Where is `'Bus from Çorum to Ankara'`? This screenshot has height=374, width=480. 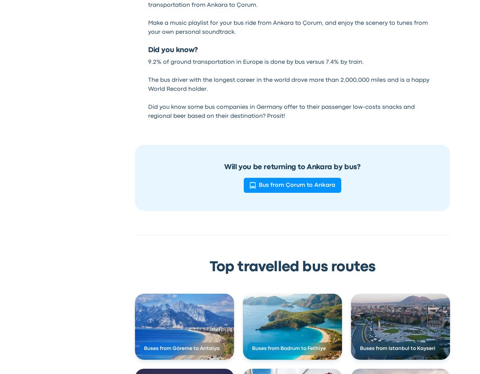 'Bus from Çorum to Ankara' is located at coordinates (296, 185).